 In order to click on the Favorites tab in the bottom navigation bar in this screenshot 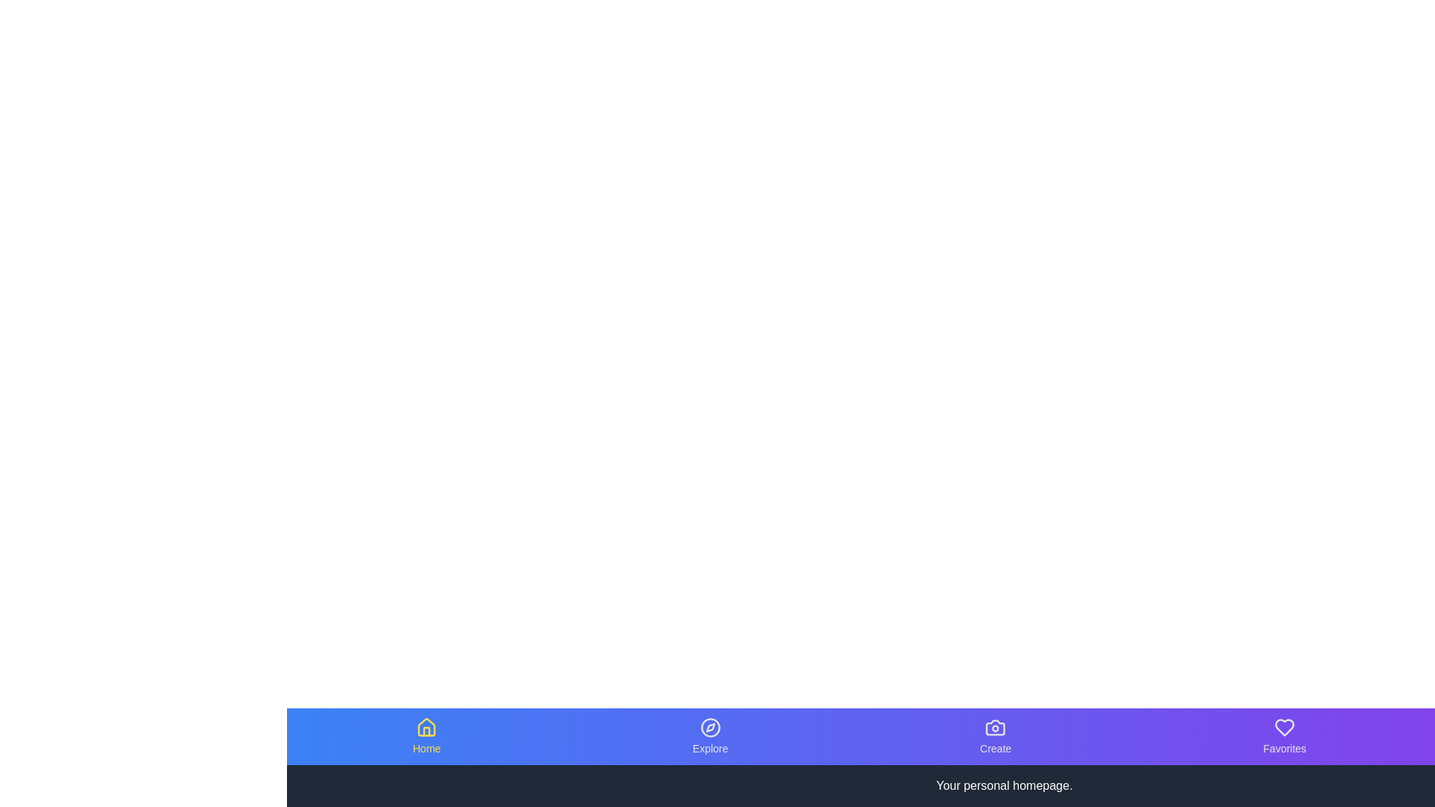, I will do `click(1283, 736)`.